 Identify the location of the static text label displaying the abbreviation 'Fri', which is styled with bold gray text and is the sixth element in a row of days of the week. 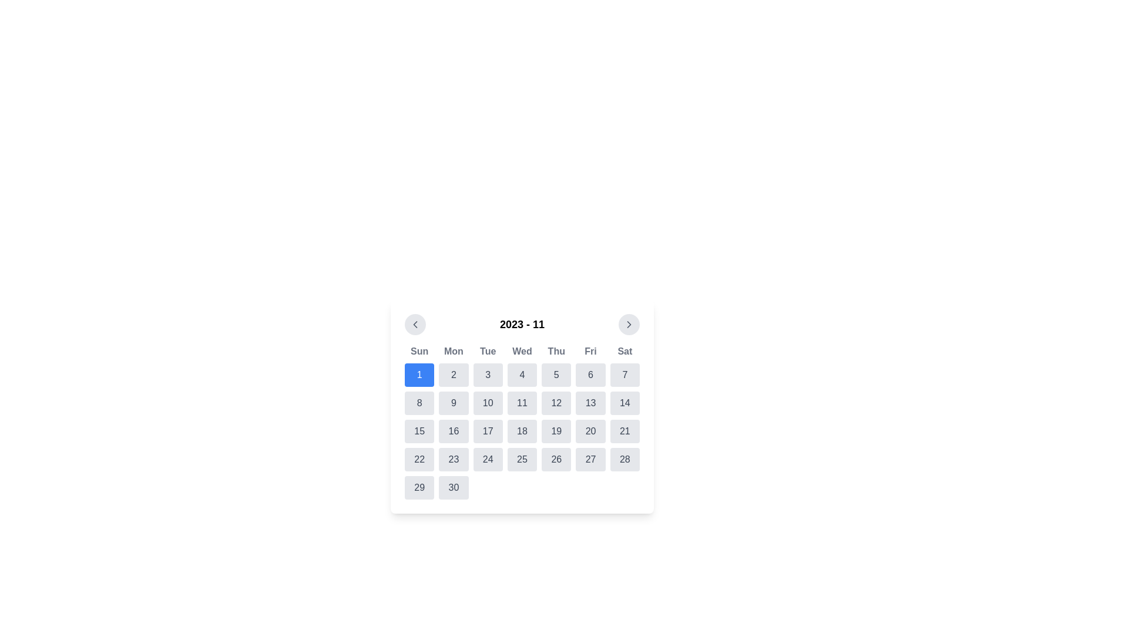
(590, 350).